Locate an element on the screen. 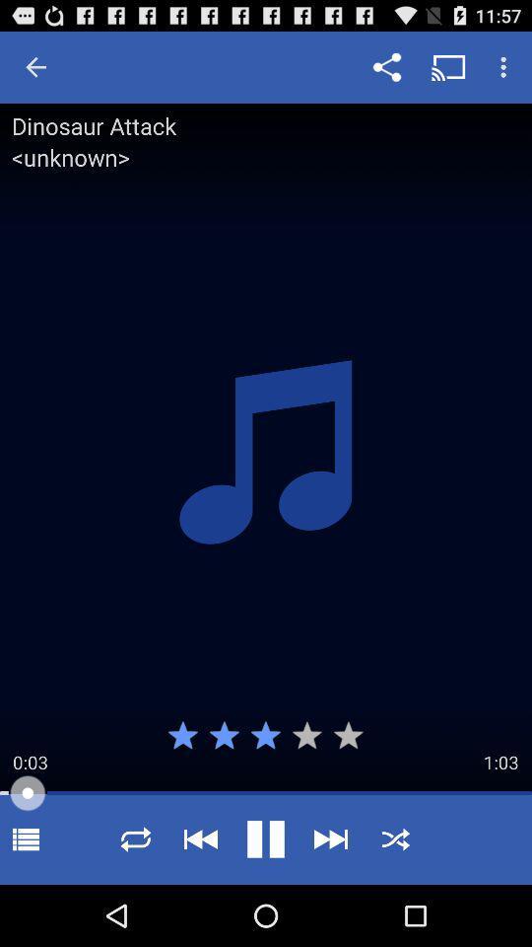 The image size is (532, 947). playlist is located at coordinates (25, 838).